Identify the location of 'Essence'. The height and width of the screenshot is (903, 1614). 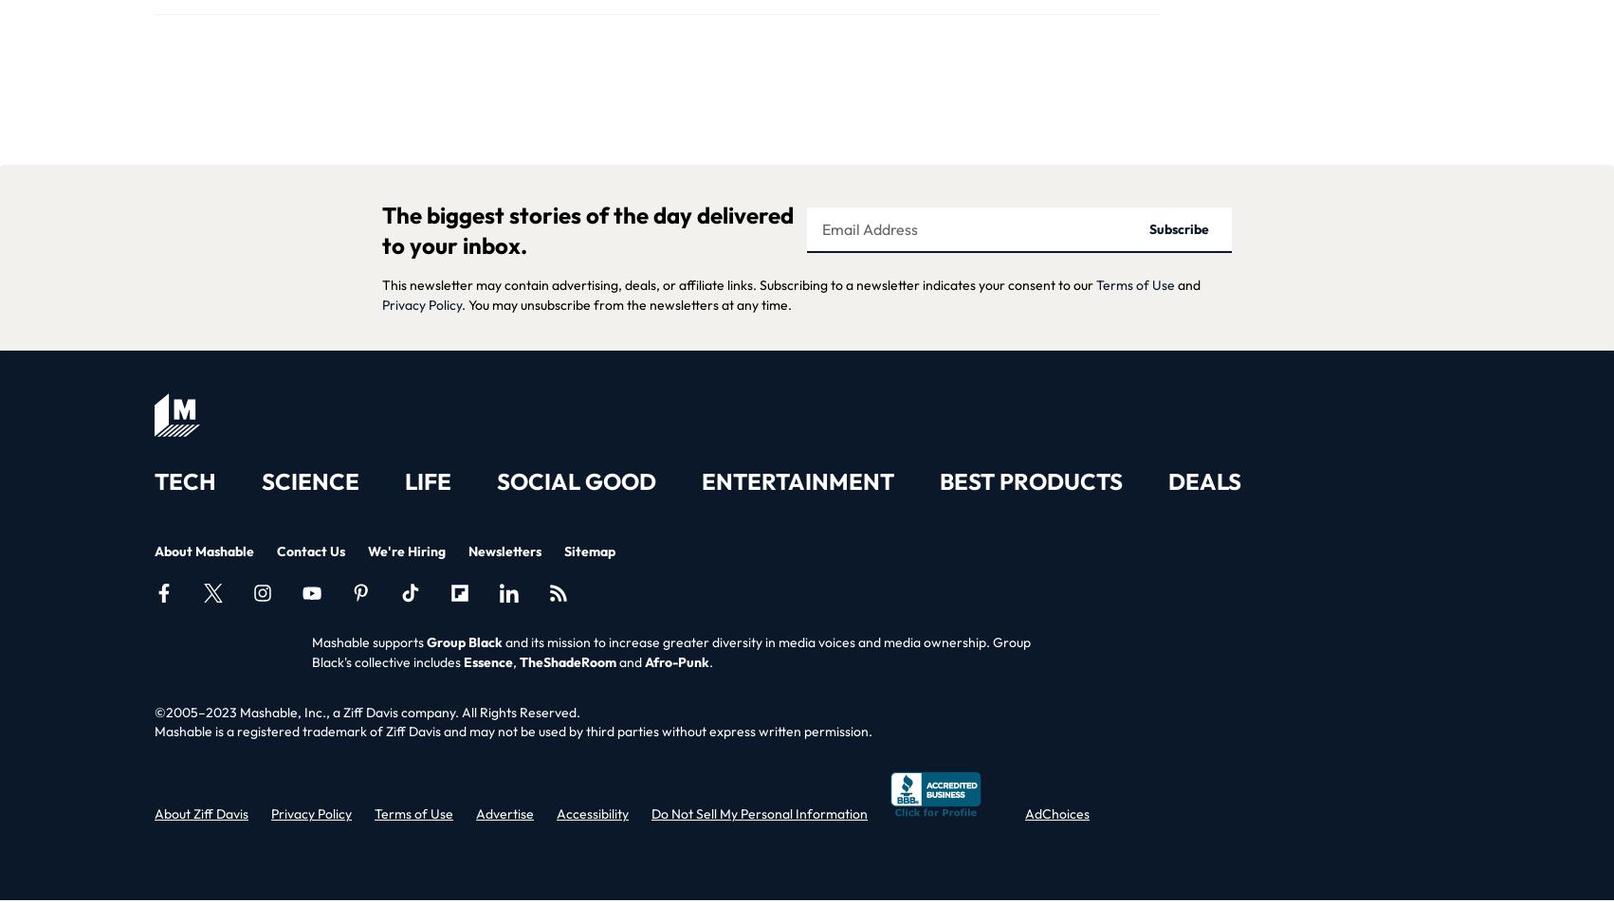
(462, 662).